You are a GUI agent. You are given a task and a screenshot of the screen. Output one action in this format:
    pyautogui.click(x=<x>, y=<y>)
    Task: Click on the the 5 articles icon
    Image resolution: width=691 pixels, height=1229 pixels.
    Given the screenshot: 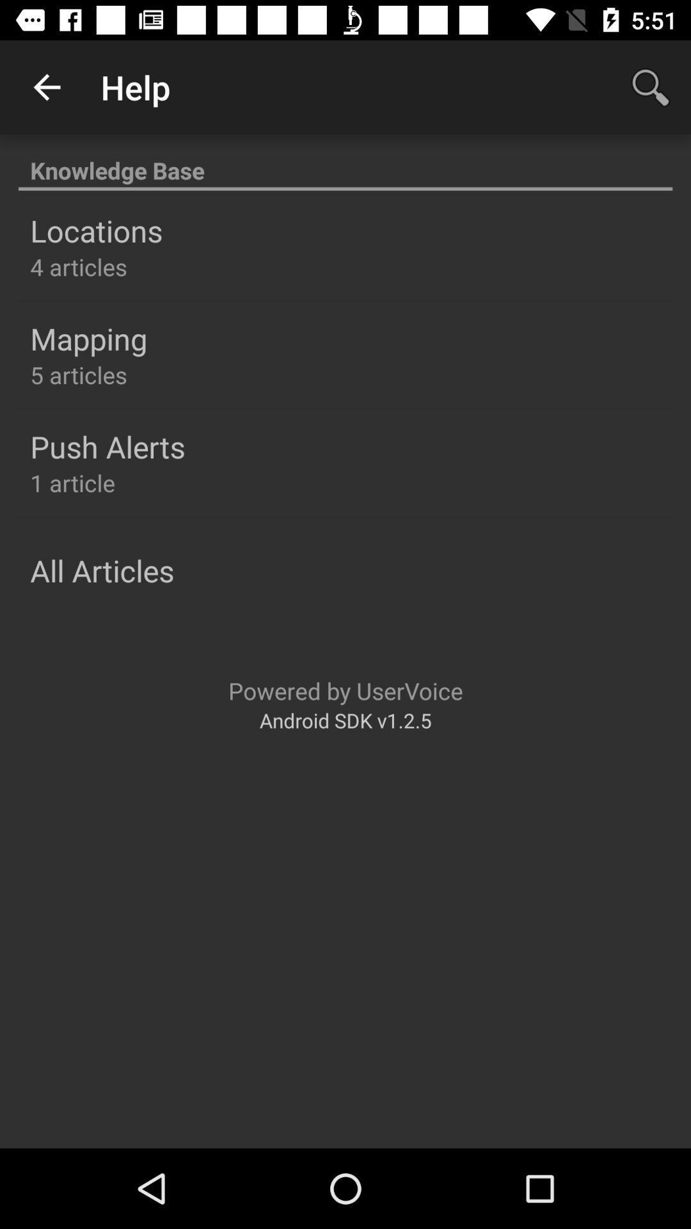 What is the action you would take?
    pyautogui.click(x=79, y=374)
    